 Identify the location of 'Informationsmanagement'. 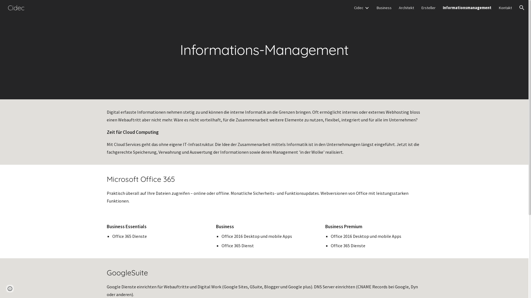
(443, 7).